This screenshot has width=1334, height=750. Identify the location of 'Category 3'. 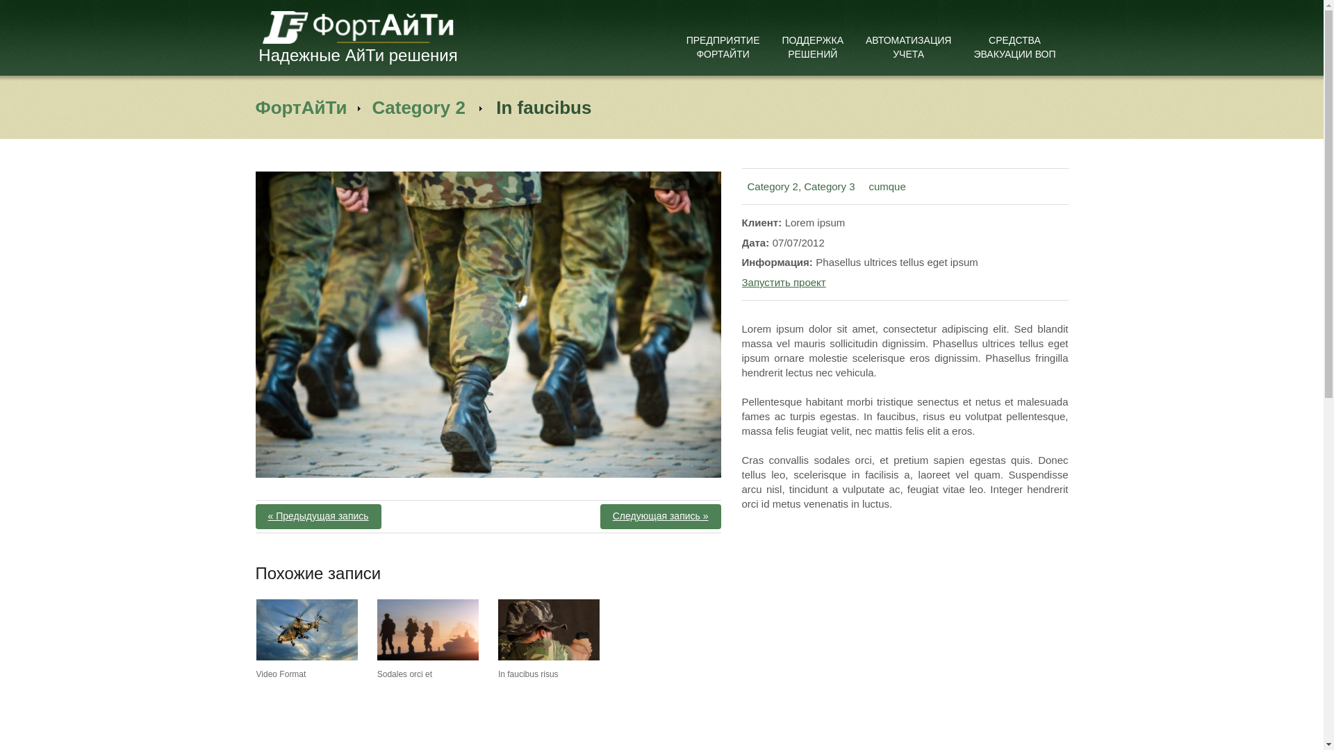
(803, 185).